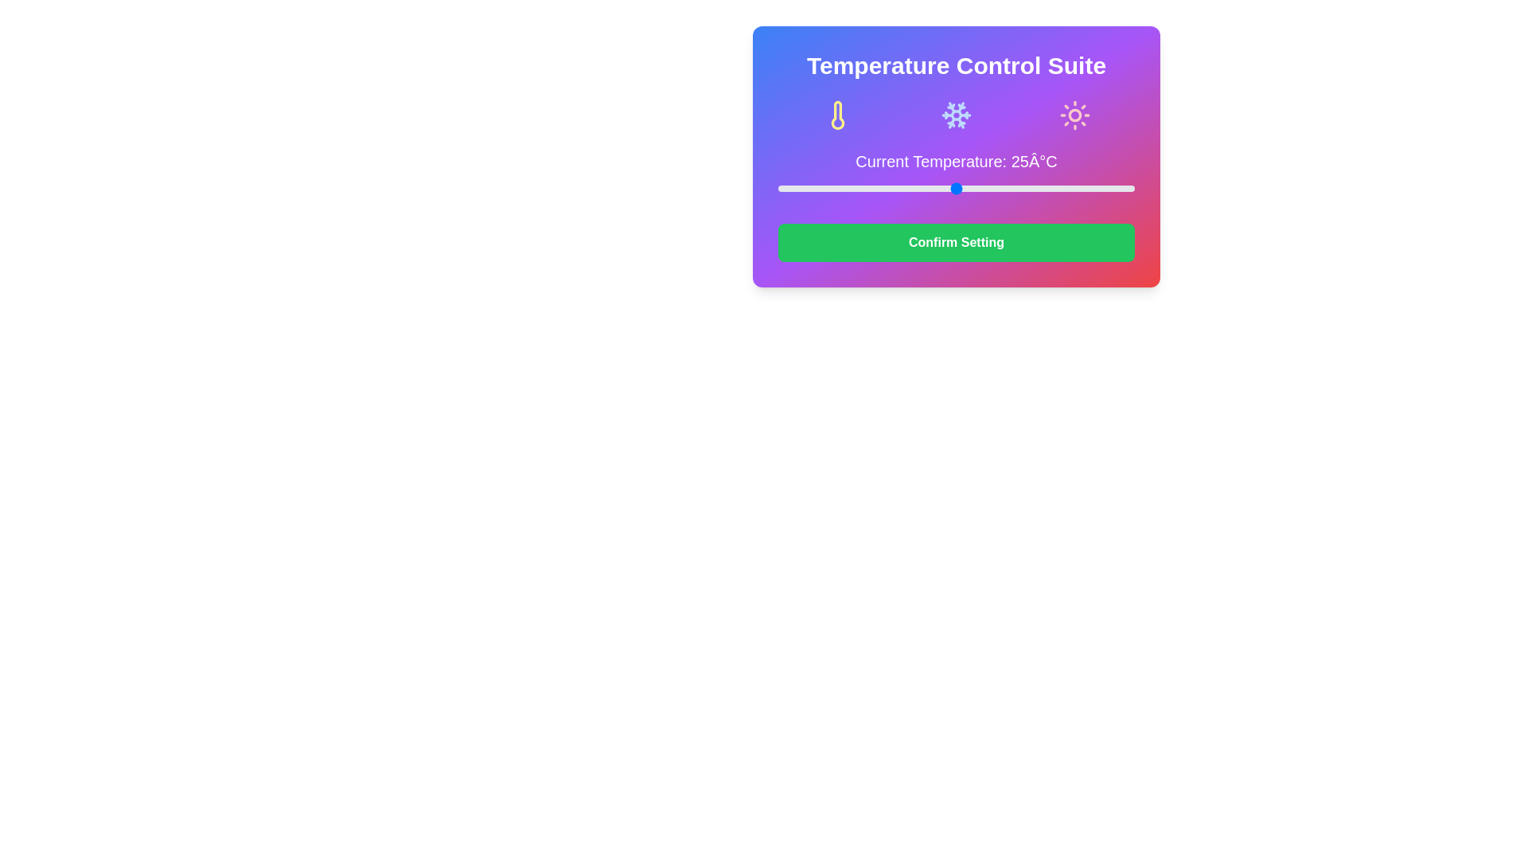 Image resolution: width=1528 pixels, height=860 pixels. Describe the element at coordinates (1126, 187) in the screenshot. I see `the temperature slider to set the temperature to 49°C` at that location.